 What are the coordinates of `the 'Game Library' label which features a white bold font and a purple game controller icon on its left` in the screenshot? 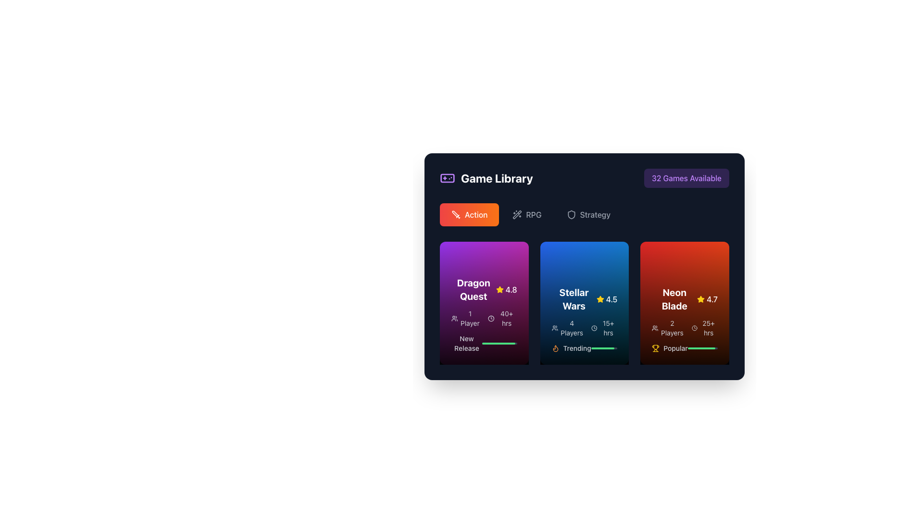 It's located at (486, 178).